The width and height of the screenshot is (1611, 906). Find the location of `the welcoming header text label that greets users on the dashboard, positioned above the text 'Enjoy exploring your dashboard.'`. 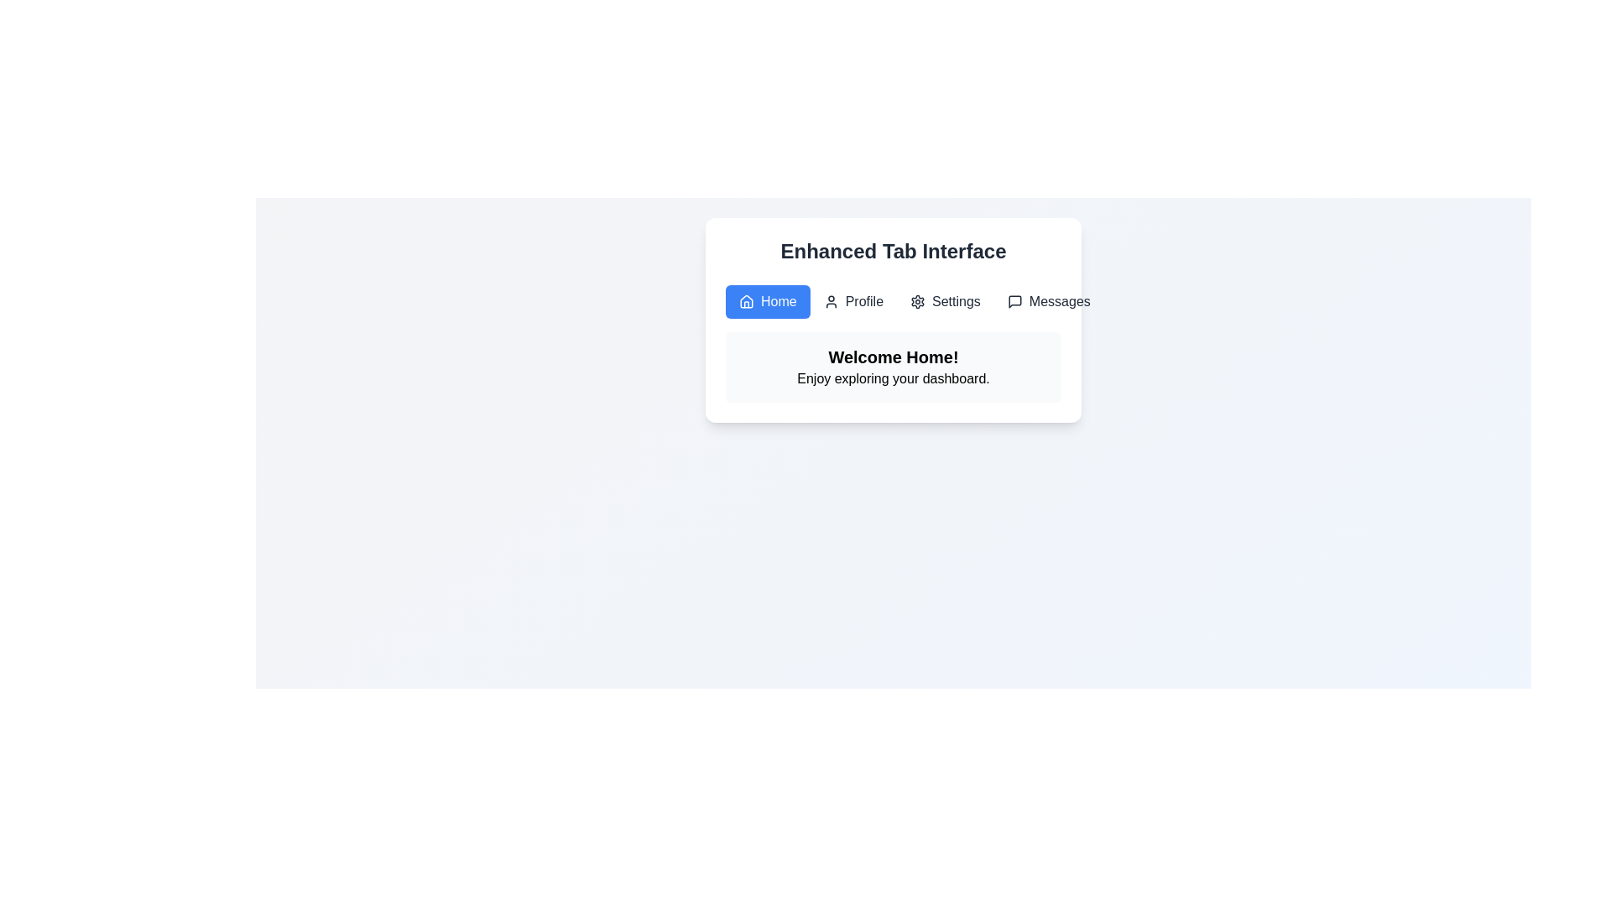

the welcoming header text label that greets users on the dashboard, positioned above the text 'Enjoy exploring your dashboard.' is located at coordinates (893, 356).